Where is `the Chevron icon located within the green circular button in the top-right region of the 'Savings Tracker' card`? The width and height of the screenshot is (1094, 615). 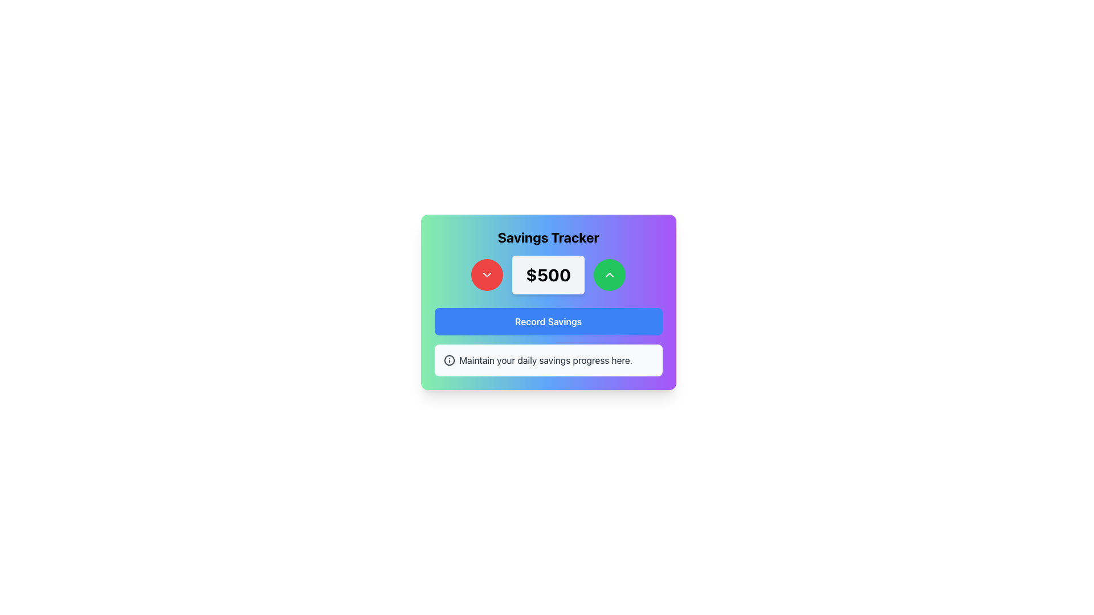 the Chevron icon located within the green circular button in the top-right region of the 'Savings Tracker' card is located at coordinates (609, 274).